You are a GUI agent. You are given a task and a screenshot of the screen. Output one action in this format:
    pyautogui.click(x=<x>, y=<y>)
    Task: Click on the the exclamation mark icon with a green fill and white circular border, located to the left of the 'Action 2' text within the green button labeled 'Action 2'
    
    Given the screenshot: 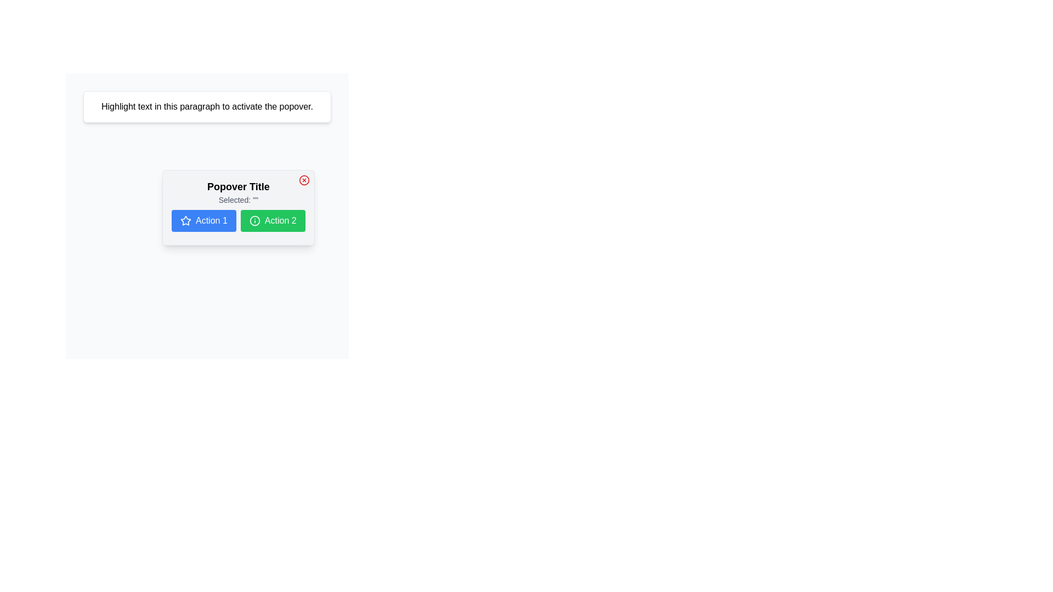 What is the action you would take?
    pyautogui.click(x=254, y=220)
    